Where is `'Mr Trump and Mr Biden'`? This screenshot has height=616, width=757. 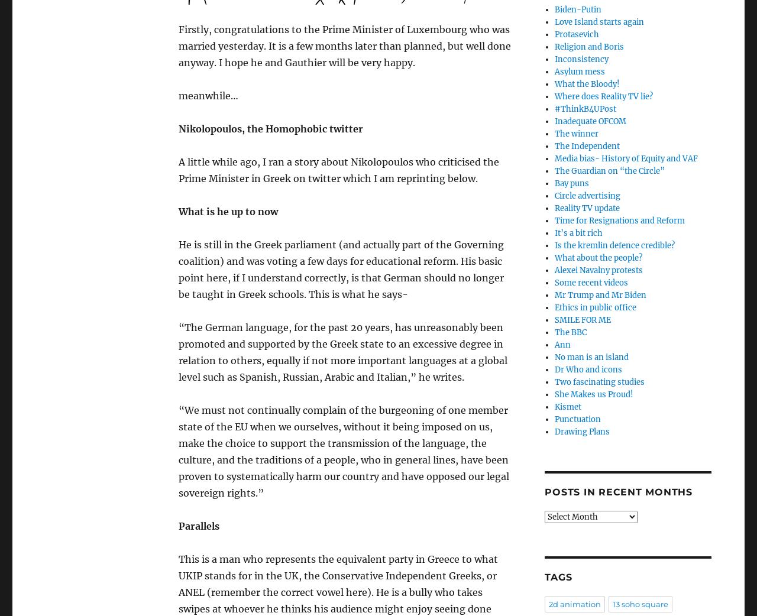
'Mr Trump and Mr Biden' is located at coordinates (600, 295).